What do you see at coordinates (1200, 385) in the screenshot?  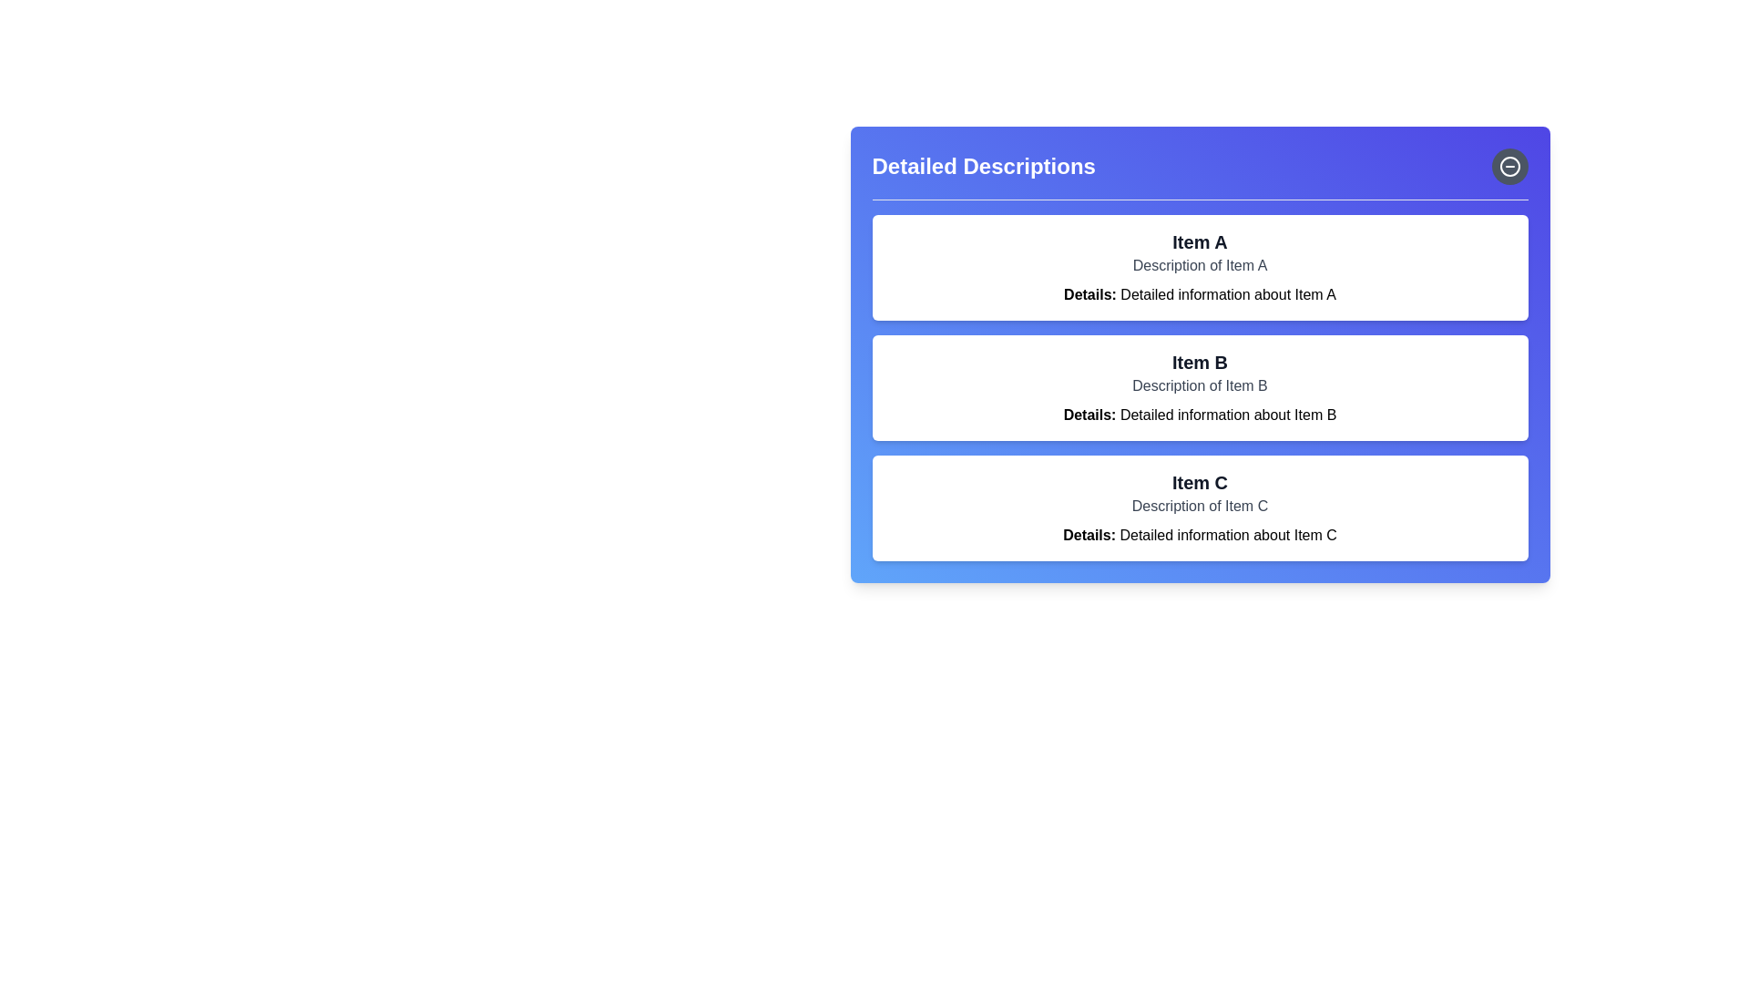 I see `the Text label that provides a concise description for 'Item B', located directly below the heading 'Item B' and above the text starting with 'Details:', within a panel with rounded corners` at bounding box center [1200, 385].